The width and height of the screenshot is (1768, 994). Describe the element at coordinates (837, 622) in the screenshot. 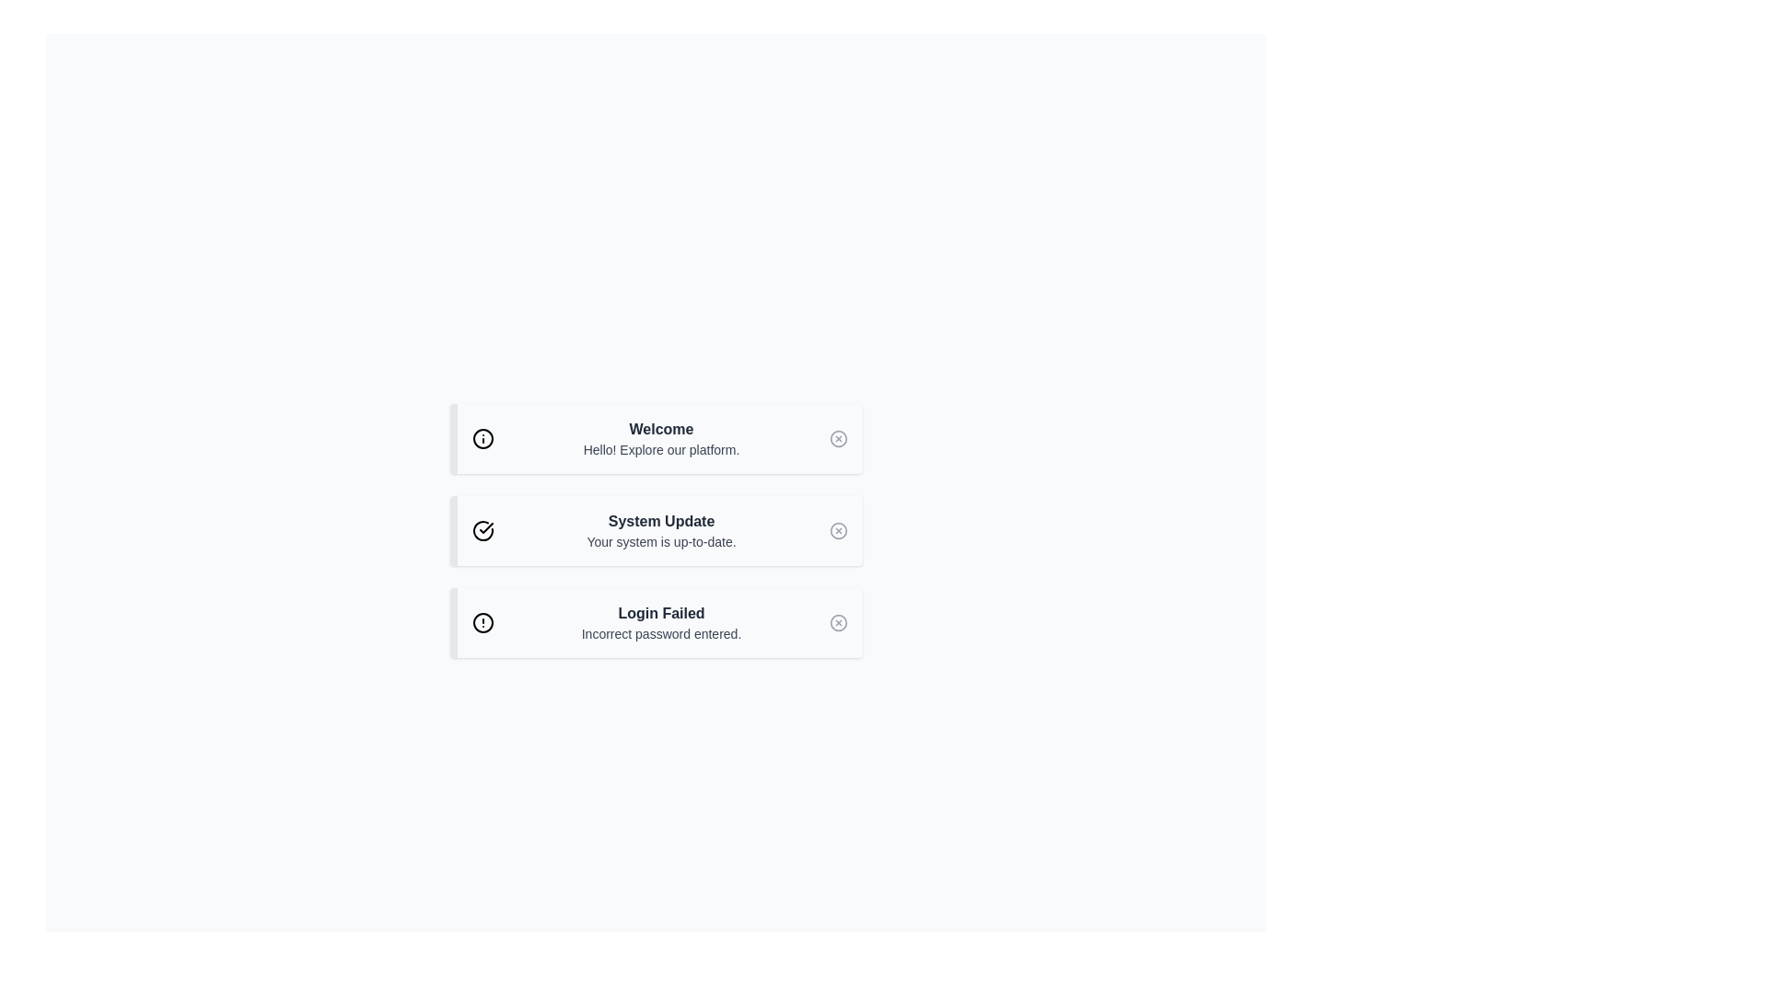

I see `the circular graphical icon element located in the bottom-right corner of the 'Login Failed' notification card` at that location.